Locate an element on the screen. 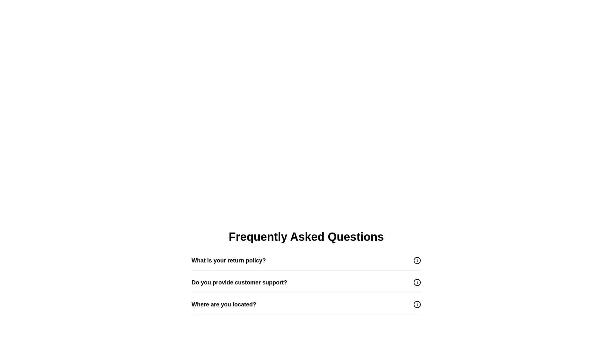 This screenshot has width=612, height=344. the circular informational icon containing an 'i' character, which is located at the far right of the row with the text 'Do you provide customer support?' is located at coordinates (417, 282).